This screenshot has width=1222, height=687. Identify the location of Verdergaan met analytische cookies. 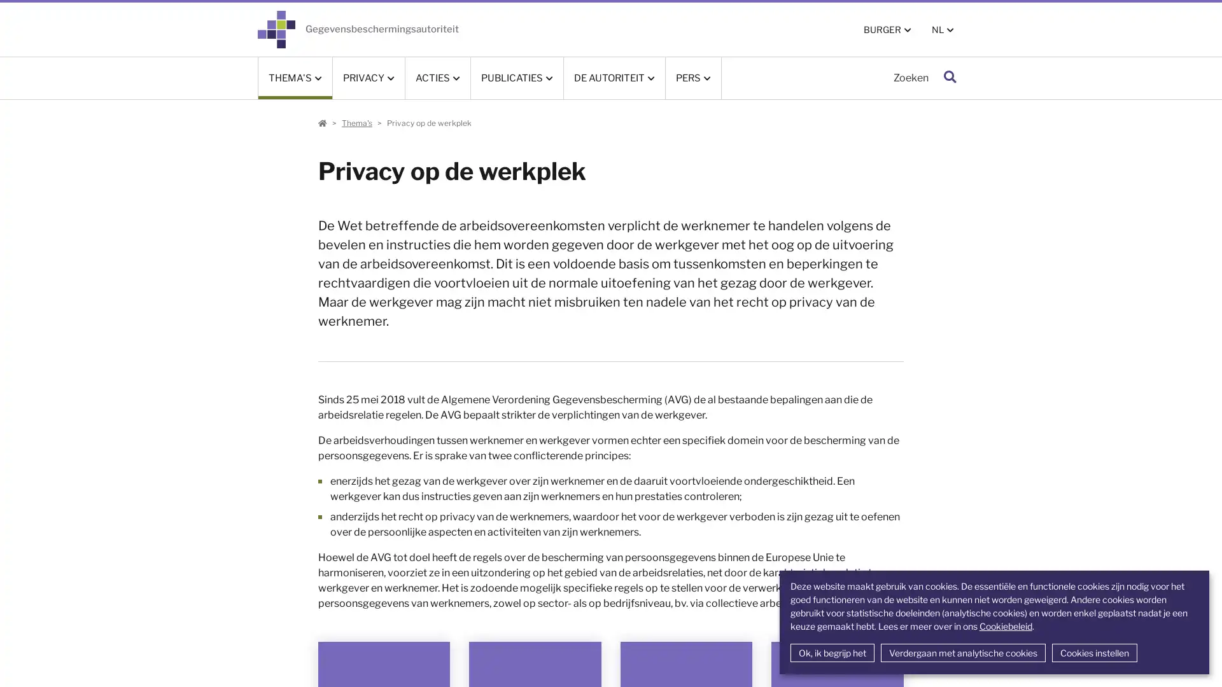
(962, 653).